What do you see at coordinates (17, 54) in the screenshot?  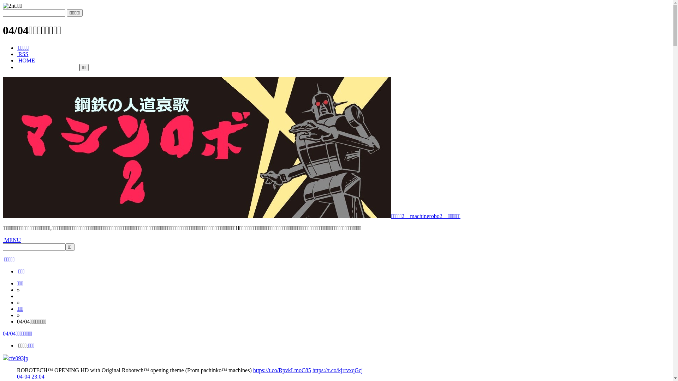 I see `' RSS'` at bounding box center [17, 54].